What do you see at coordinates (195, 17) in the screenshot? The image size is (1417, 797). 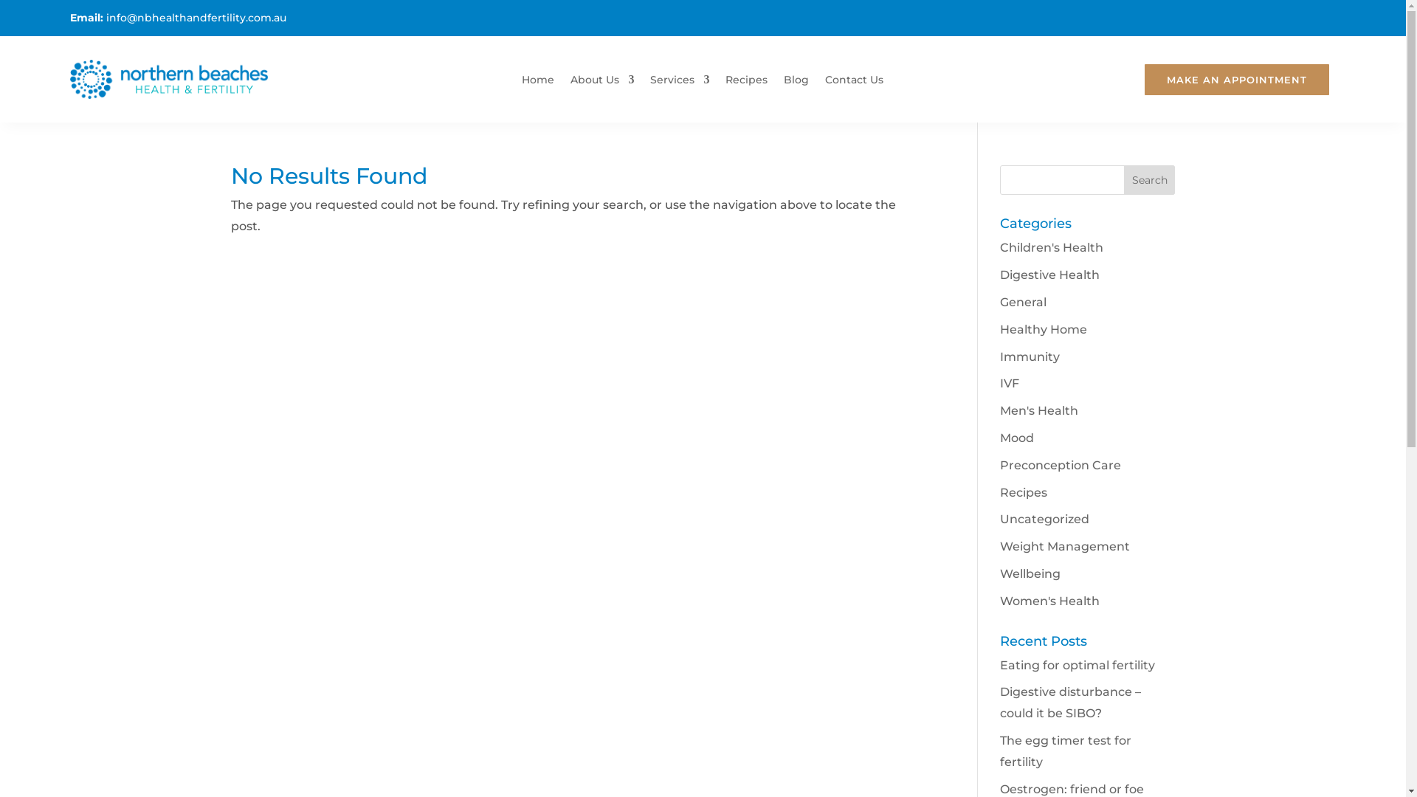 I see `'info@nbhealthandfertility.com.au'` at bounding box center [195, 17].